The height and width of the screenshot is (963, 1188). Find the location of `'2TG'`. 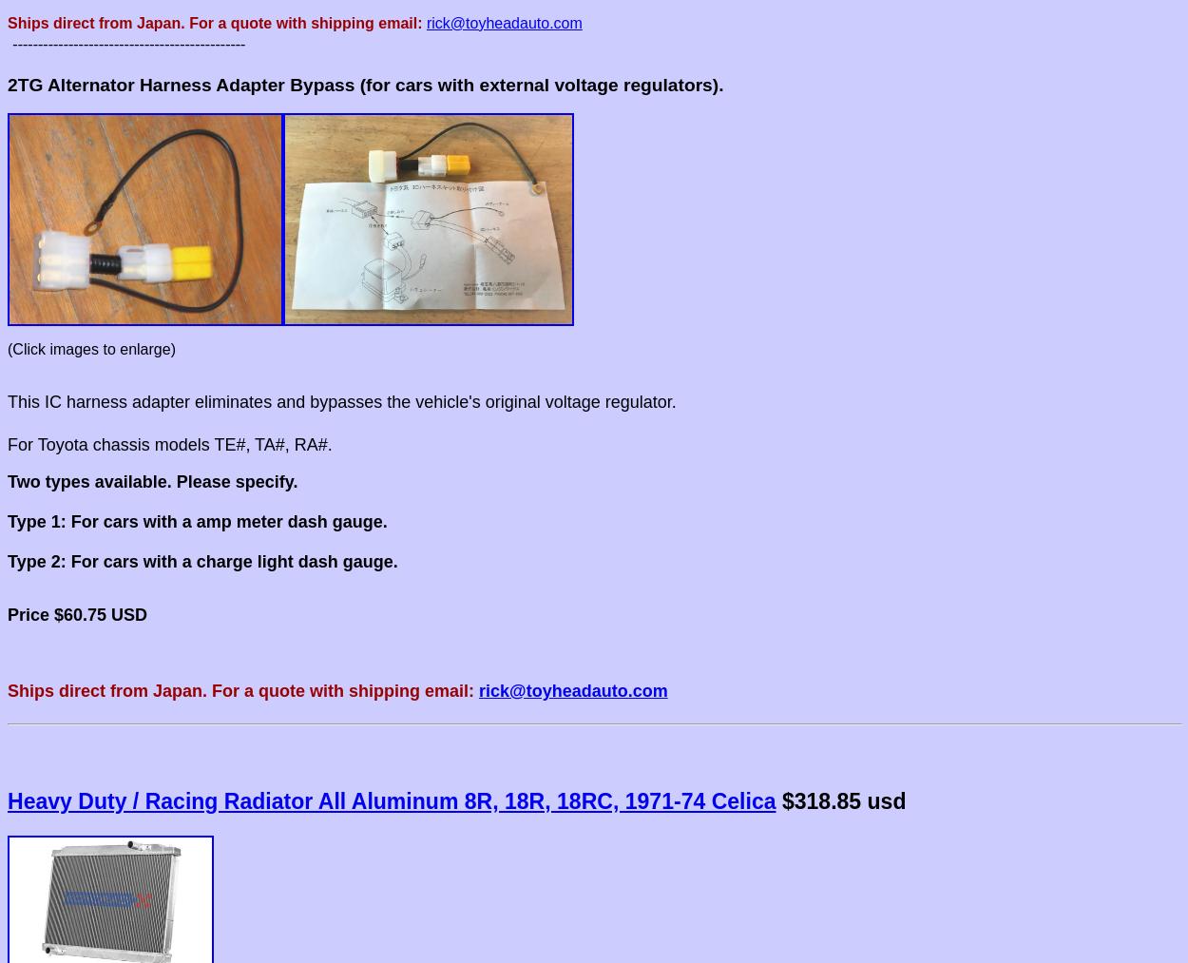

'2TG' is located at coordinates (8, 83).